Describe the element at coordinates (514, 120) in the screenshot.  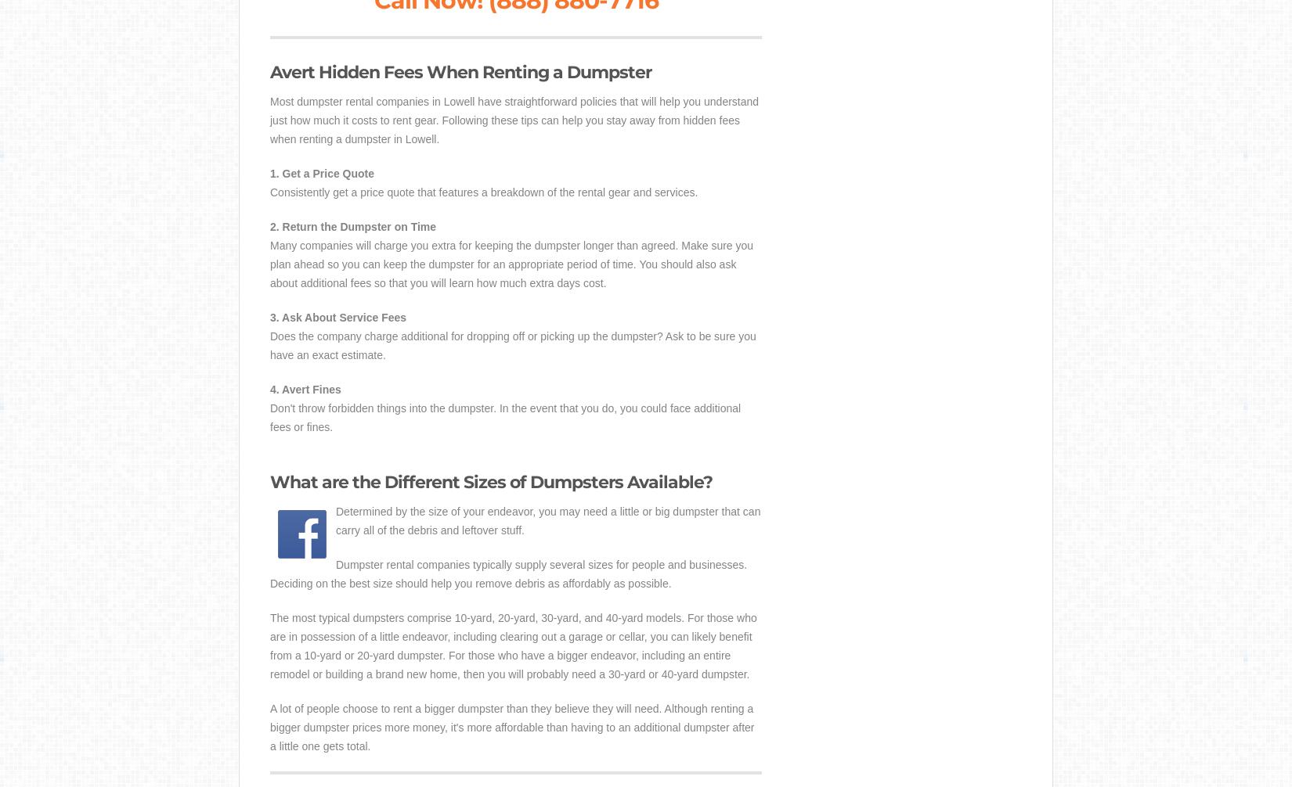
I see `'Most dumpster rental companies in Lowell have straightforward policies that will help you understand just how much it costs to rent gear. Following these tips can help you stay away from hidden fees when renting a dumpster in Lowell.'` at that location.